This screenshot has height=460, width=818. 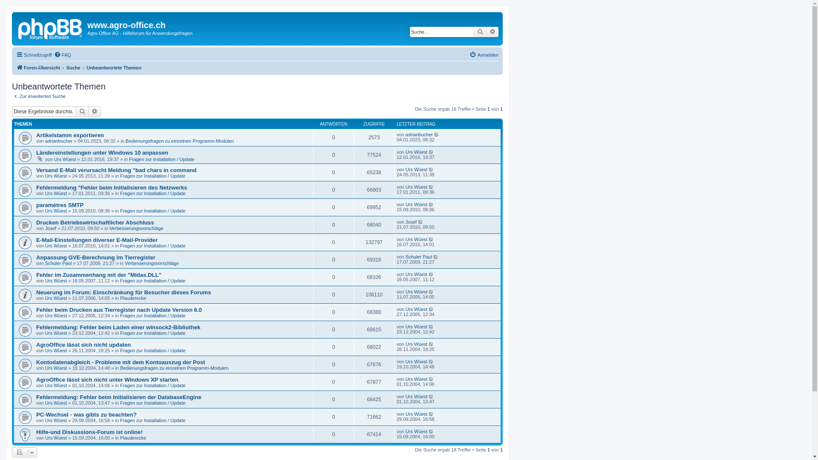 I want to click on 'Josef', so click(x=411, y=221).